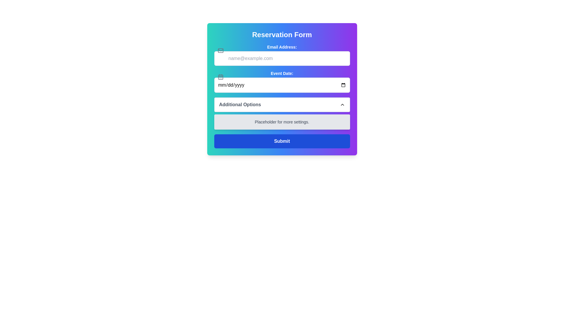 The height and width of the screenshot is (316, 562). What do you see at coordinates (282, 104) in the screenshot?
I see `the 'Additional Options' dropdown toggle button` at bounding box center [282, 104].